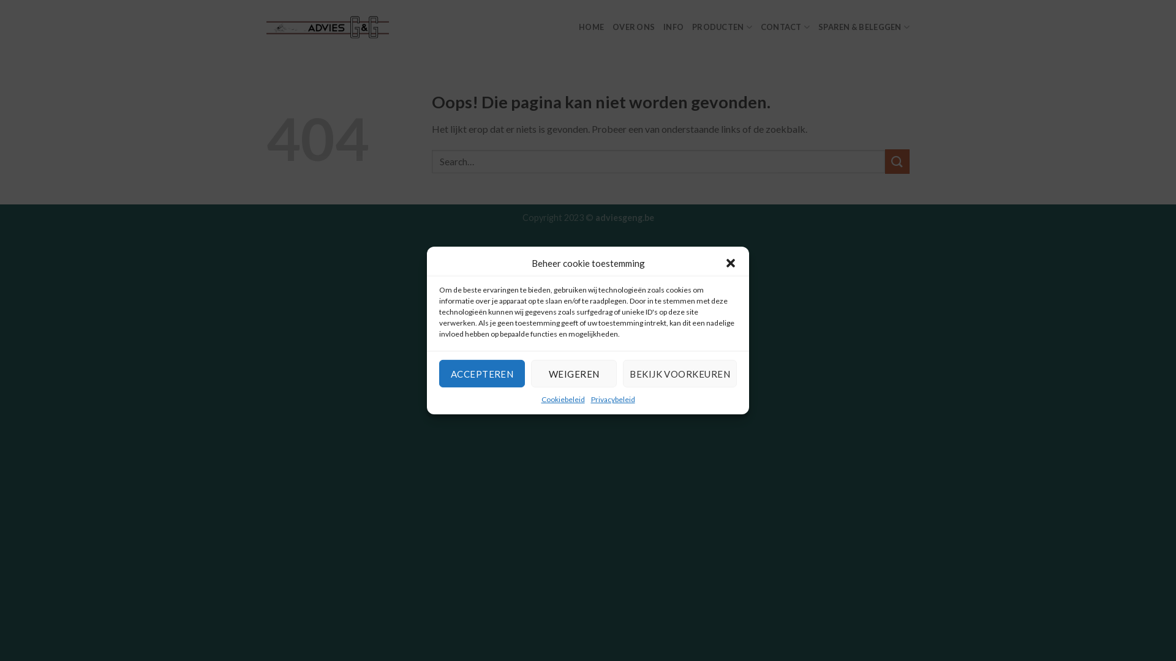  What do you see at coordinates (573, 373) in the screenshot?
I see `'WEIGEREN'` at bounding box center [573, 373].